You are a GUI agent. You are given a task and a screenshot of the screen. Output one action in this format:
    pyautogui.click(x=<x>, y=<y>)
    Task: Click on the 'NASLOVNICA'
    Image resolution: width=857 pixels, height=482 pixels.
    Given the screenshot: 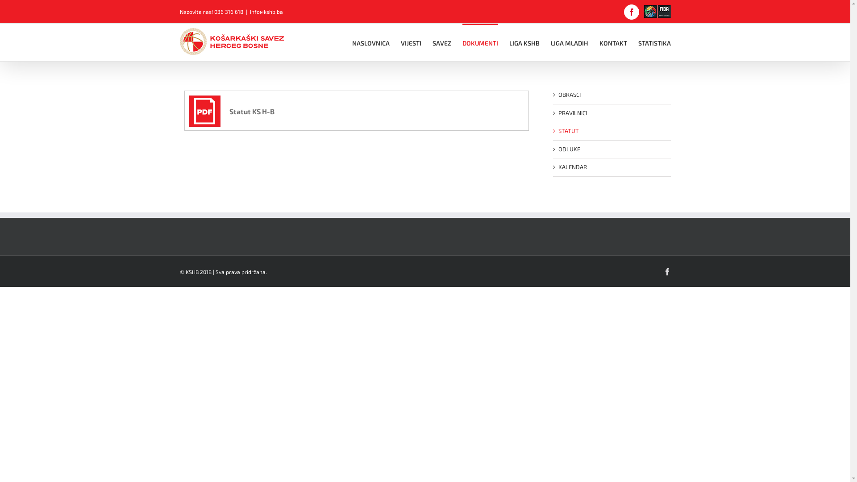 What is the action you would take?
    pyautogui.click(x=370, y=42)
    